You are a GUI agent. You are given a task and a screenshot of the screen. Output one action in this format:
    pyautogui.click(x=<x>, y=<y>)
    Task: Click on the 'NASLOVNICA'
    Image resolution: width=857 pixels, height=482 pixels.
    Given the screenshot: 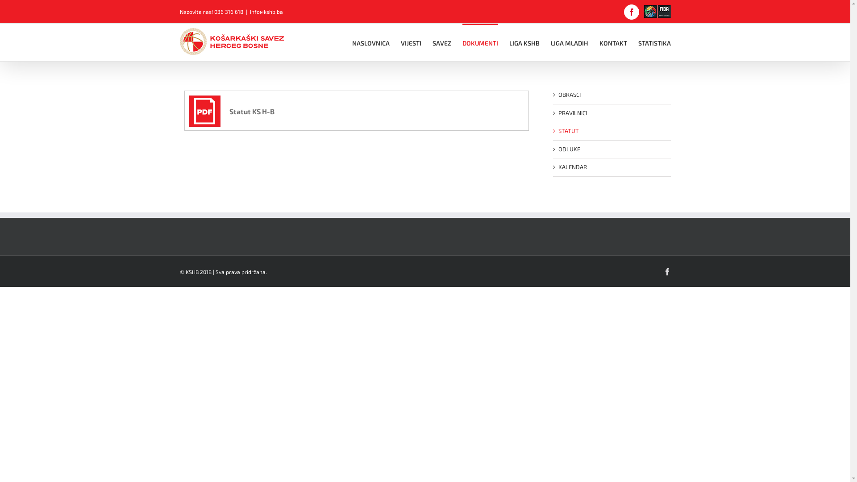 What is the action you would take?
    pyautogui.click(x=370, y=42)
    